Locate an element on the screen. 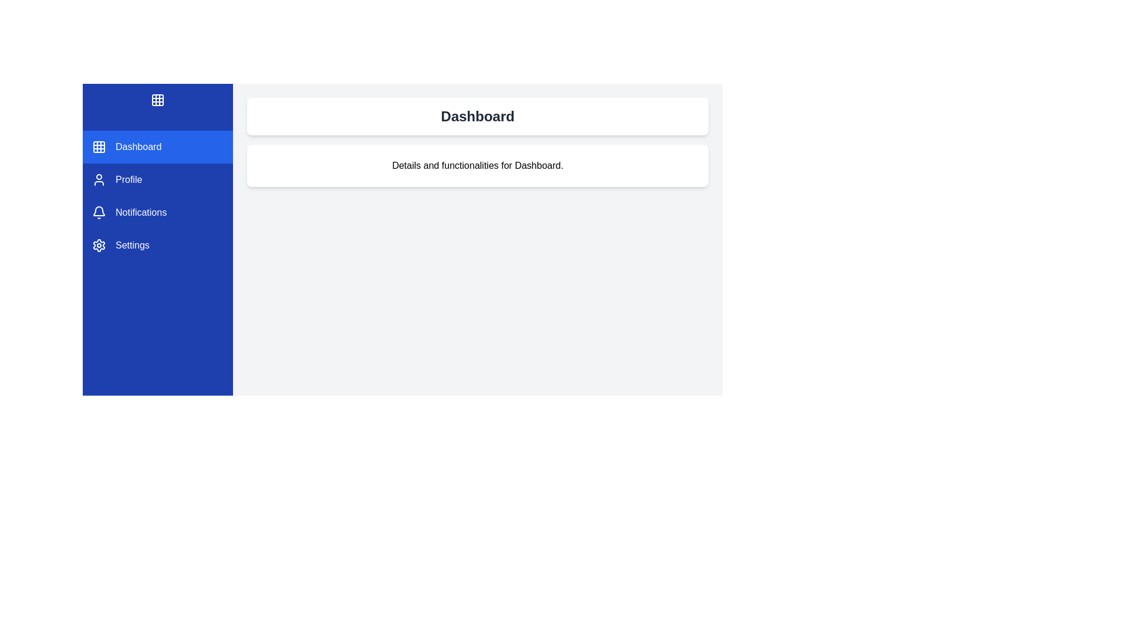  the grid icon in the vertical navigation bar, which is a 3x3 grid layout icon located at the top-left corner of the navigation panel above the 'Dashboard' menu item is located at coordinates (157, 99).